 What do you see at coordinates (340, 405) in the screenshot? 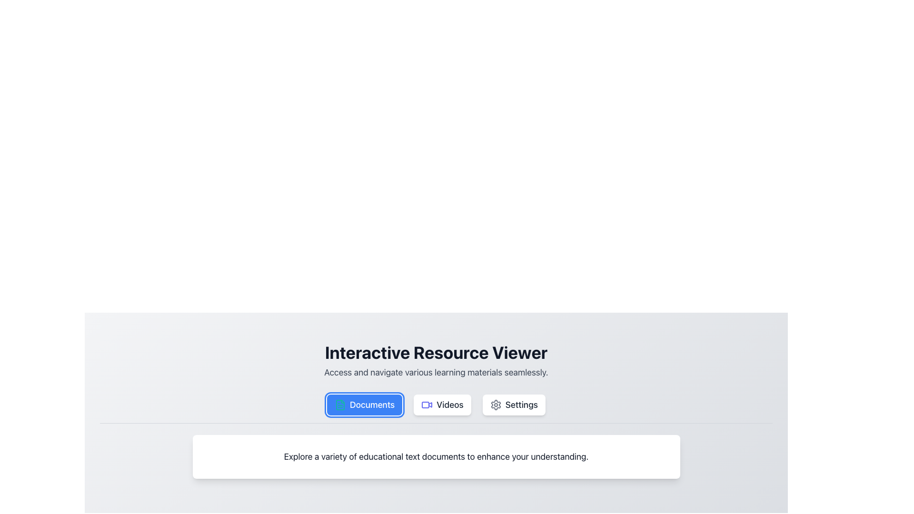
I see `the icon representing a document file, which is located to the left of the 'Documents' button in the horizontal navigation bar` at bounding box center [340, 405].